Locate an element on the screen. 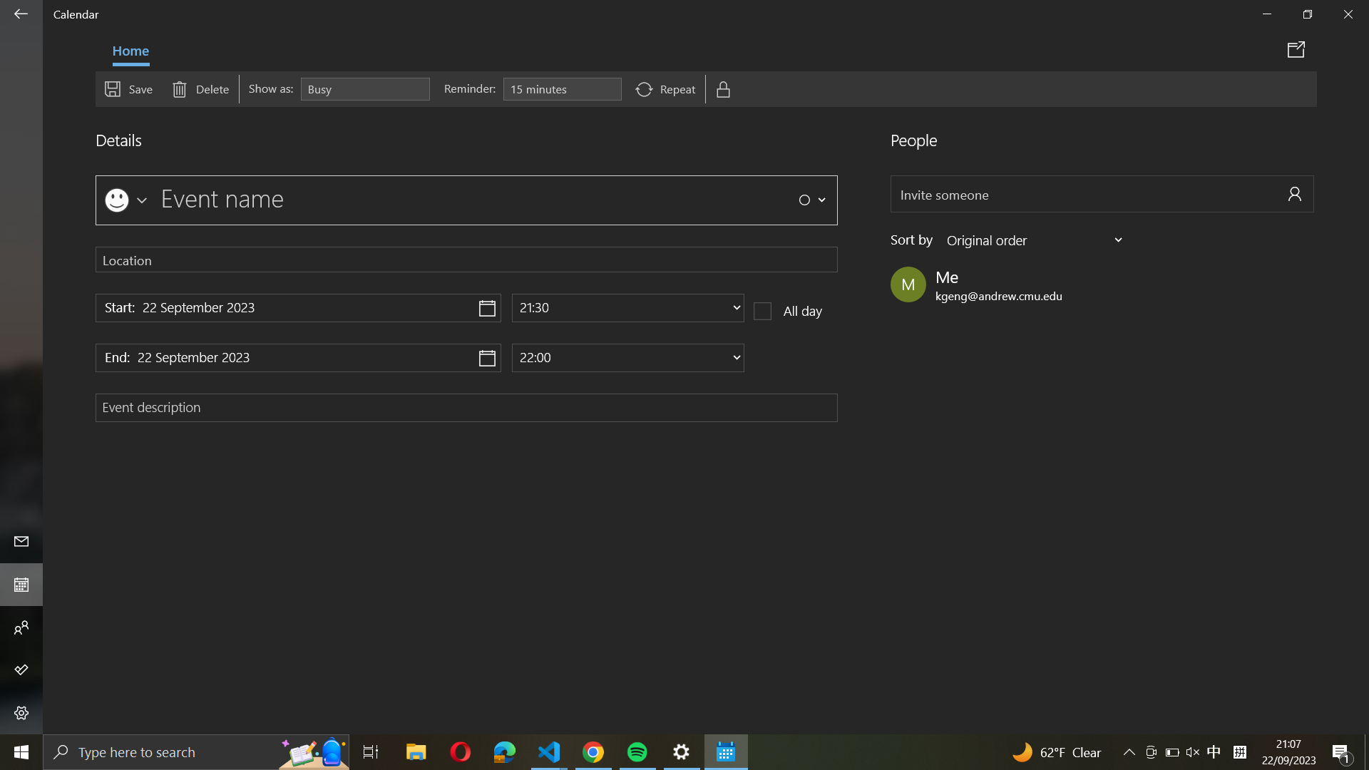  Forward the event details through email is located at coordinates (1298, 48).